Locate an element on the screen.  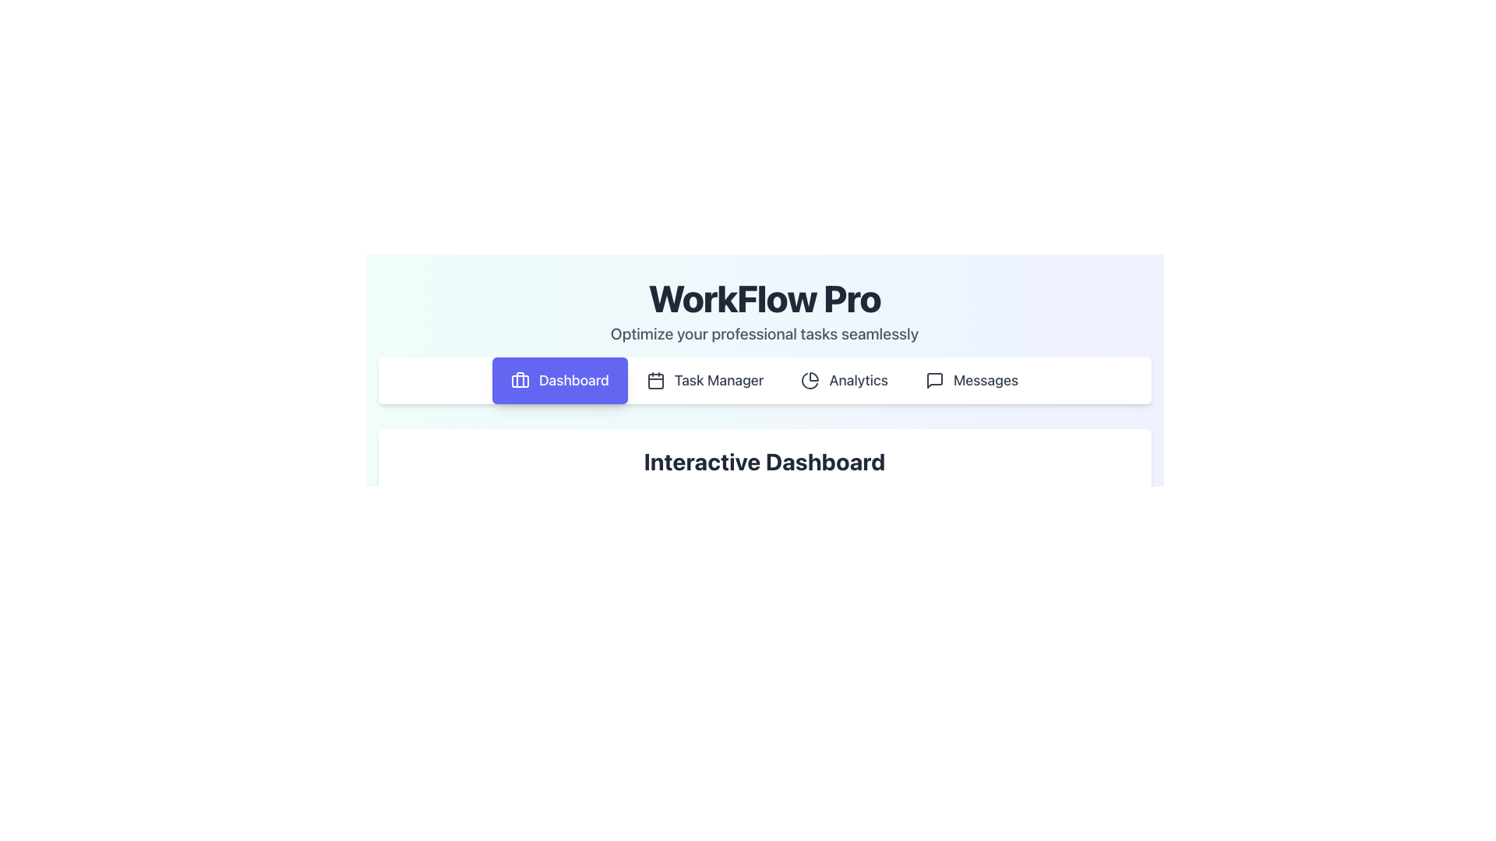
the Header text that introduces the section for interactive dashboards, located centrally above the descriptive text about workflow insights is located at coordinates (764, 461).